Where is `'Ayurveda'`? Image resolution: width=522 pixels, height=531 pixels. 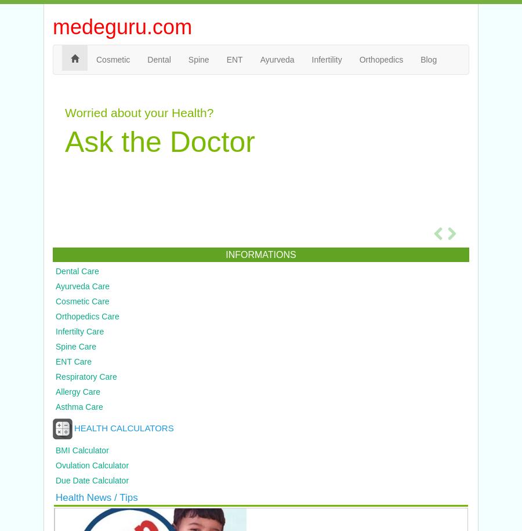
'Ayurveda' is located at coordinates (276, 59).